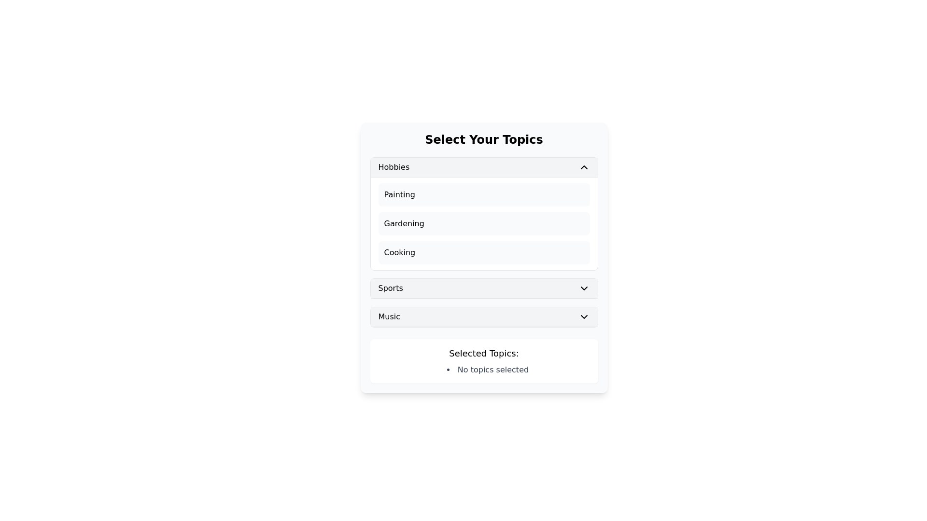 This screenshot has height=521, width=927. I want to click on the Dropdown Chevron icon located to the far right of the 'Sports' row, so click(583, 288).